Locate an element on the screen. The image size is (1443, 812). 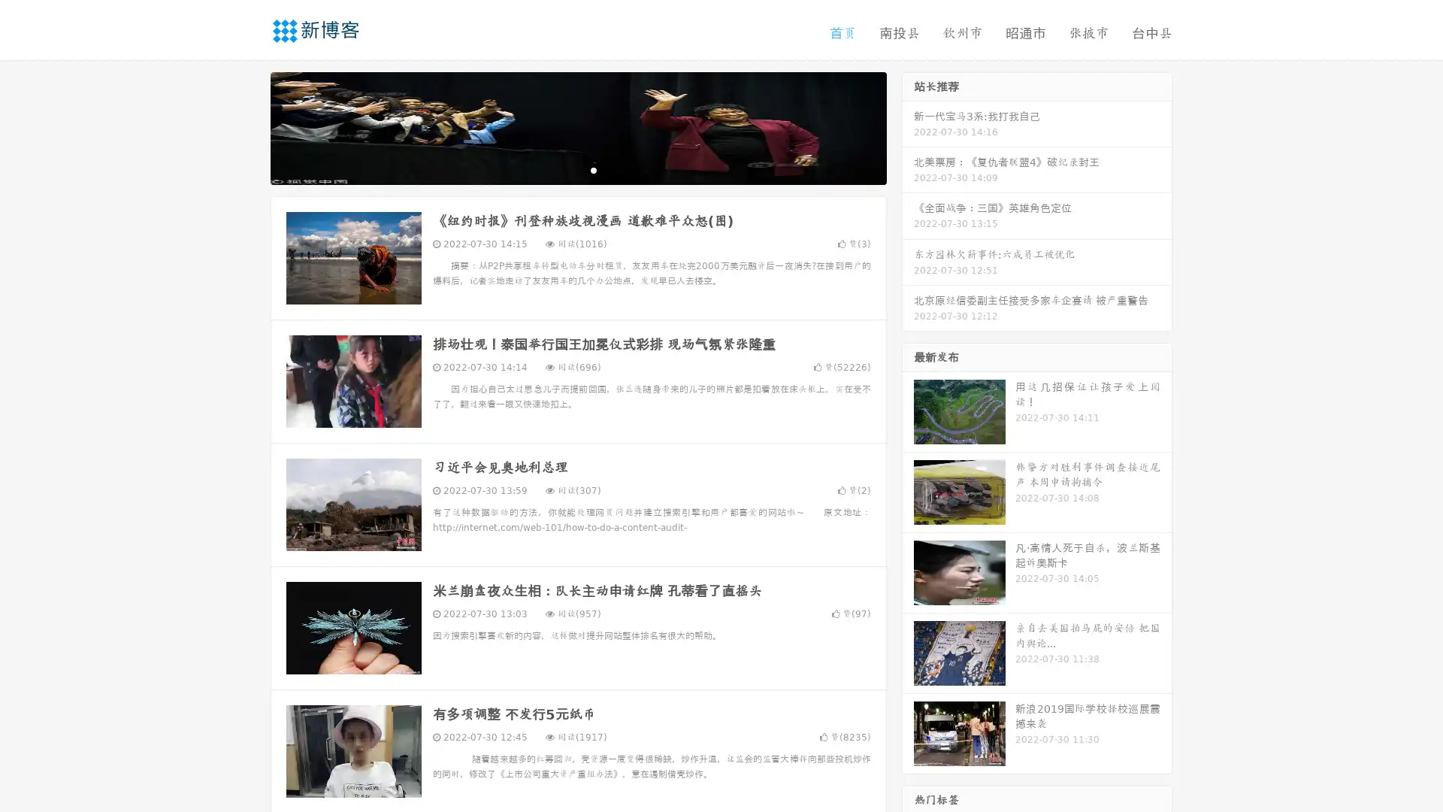
Previous slide is located at coordinates (248, 126).